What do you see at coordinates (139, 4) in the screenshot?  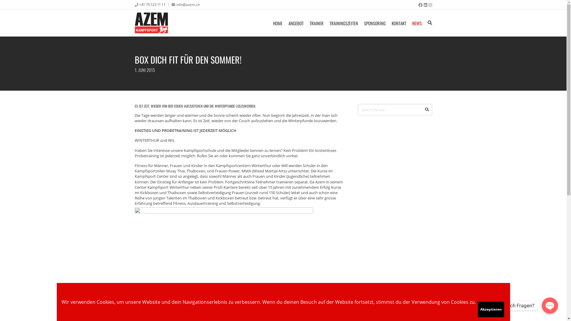 I see `'+41 79 123 11 11'` at bounding box center [139, 4].